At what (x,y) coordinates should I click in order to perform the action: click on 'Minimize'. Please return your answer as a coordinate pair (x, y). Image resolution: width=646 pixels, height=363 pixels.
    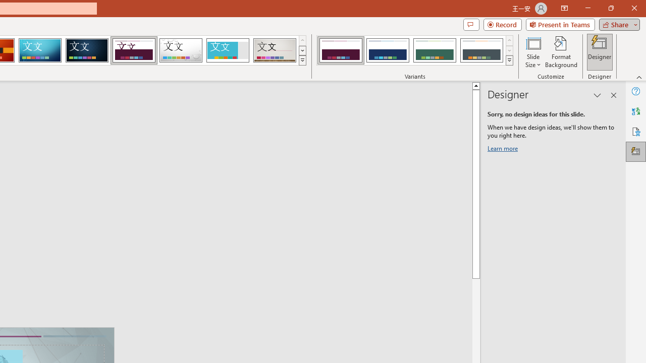
    Looking at the image, I should click on (587, 8).